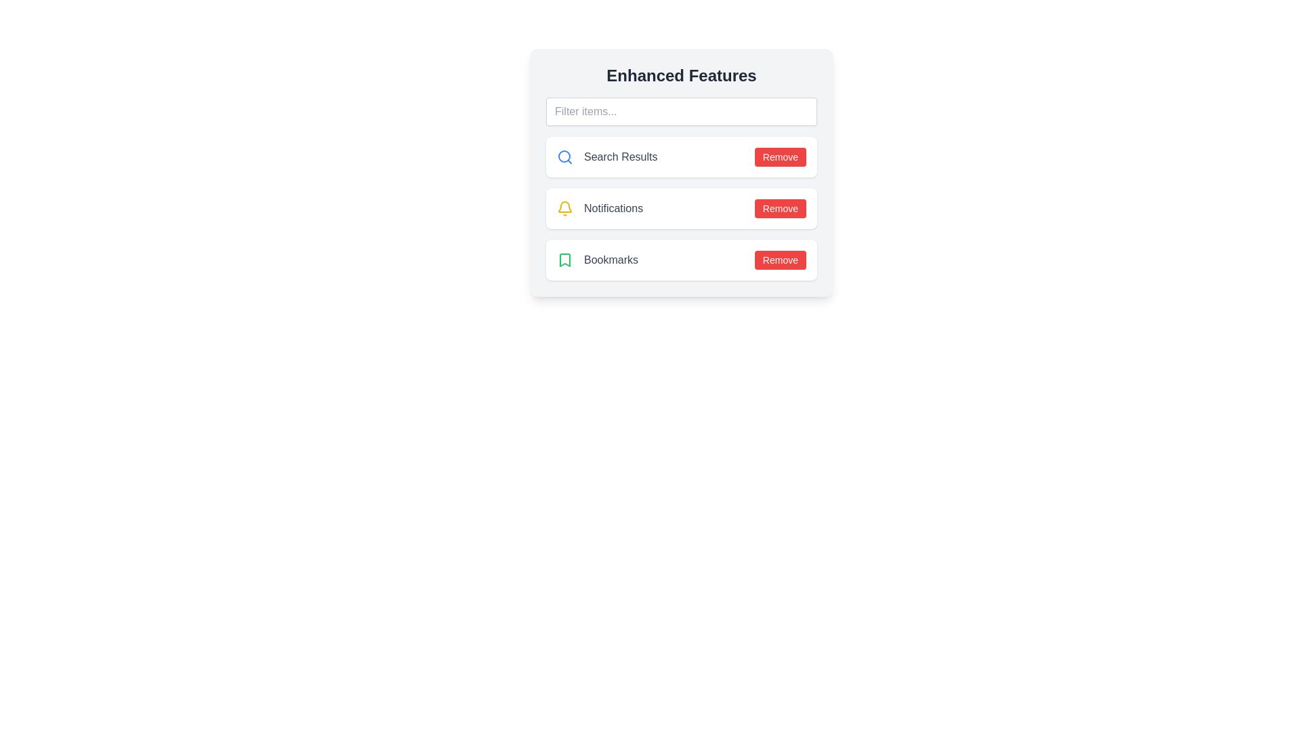 Image resolution: width=1301 pixels, height=732 pixels. I want to click on 'Remove' button for the Search Results item, so click(781, 156).